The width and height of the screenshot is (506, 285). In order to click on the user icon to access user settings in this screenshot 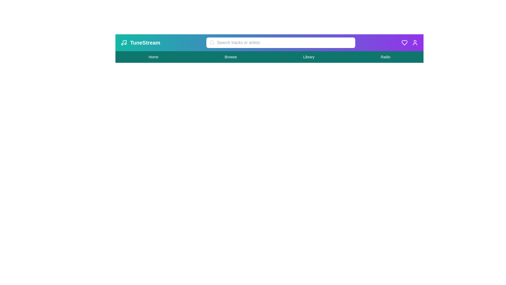, I will do `click(415, 42)`.